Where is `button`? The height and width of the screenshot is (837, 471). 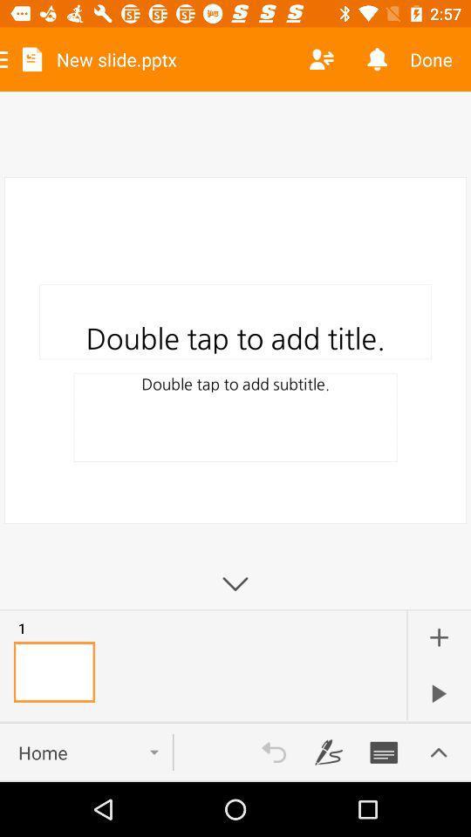
button is located at coordinates (384, 752).